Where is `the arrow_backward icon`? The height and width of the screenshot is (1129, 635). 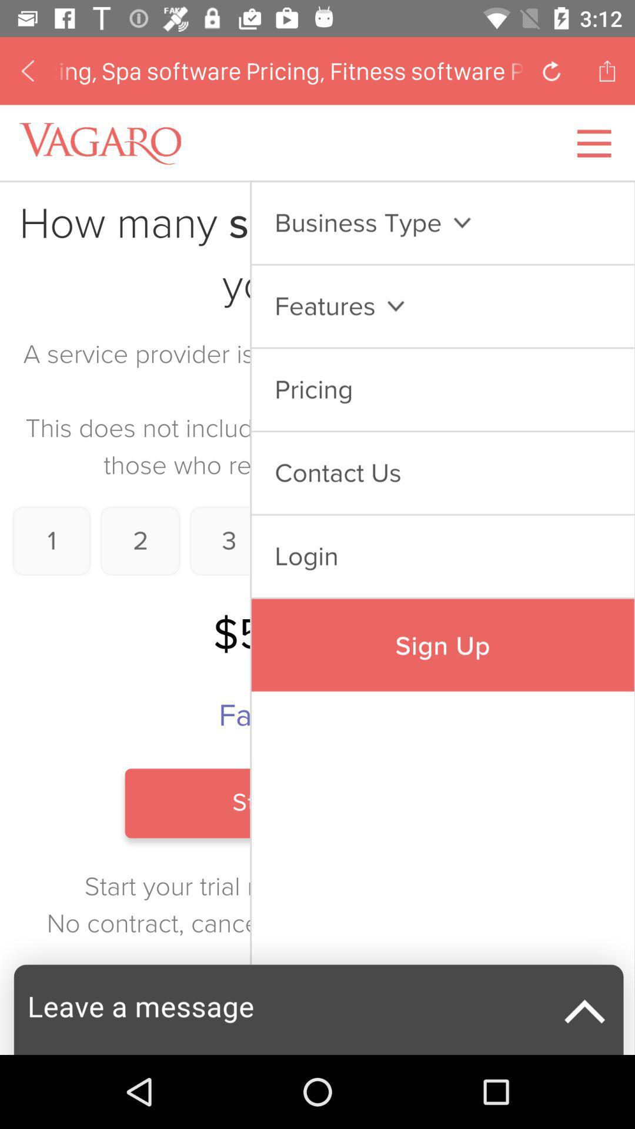
the arrow_backward icon is located at coordinates (27, 70).